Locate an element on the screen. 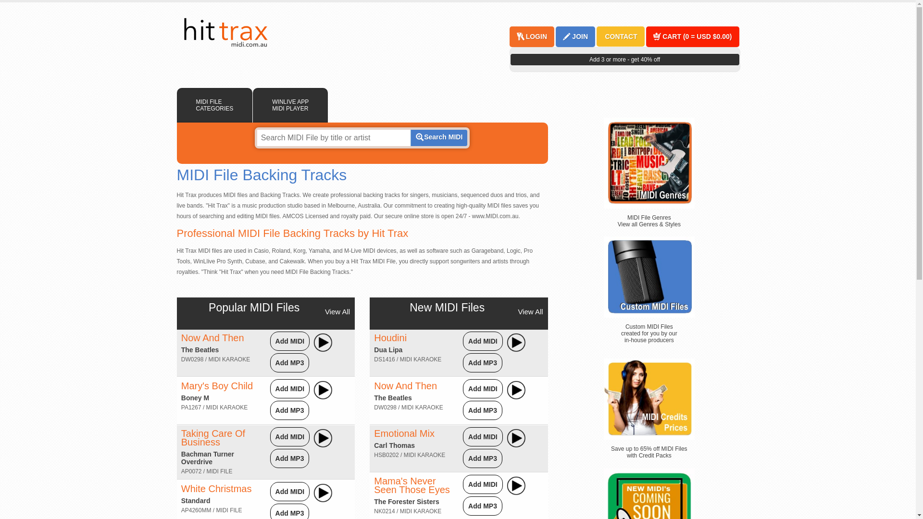 The height and width of the screenshot is (519, 923). 'Custom MIDI Files' is located at coordinates (649, 277).